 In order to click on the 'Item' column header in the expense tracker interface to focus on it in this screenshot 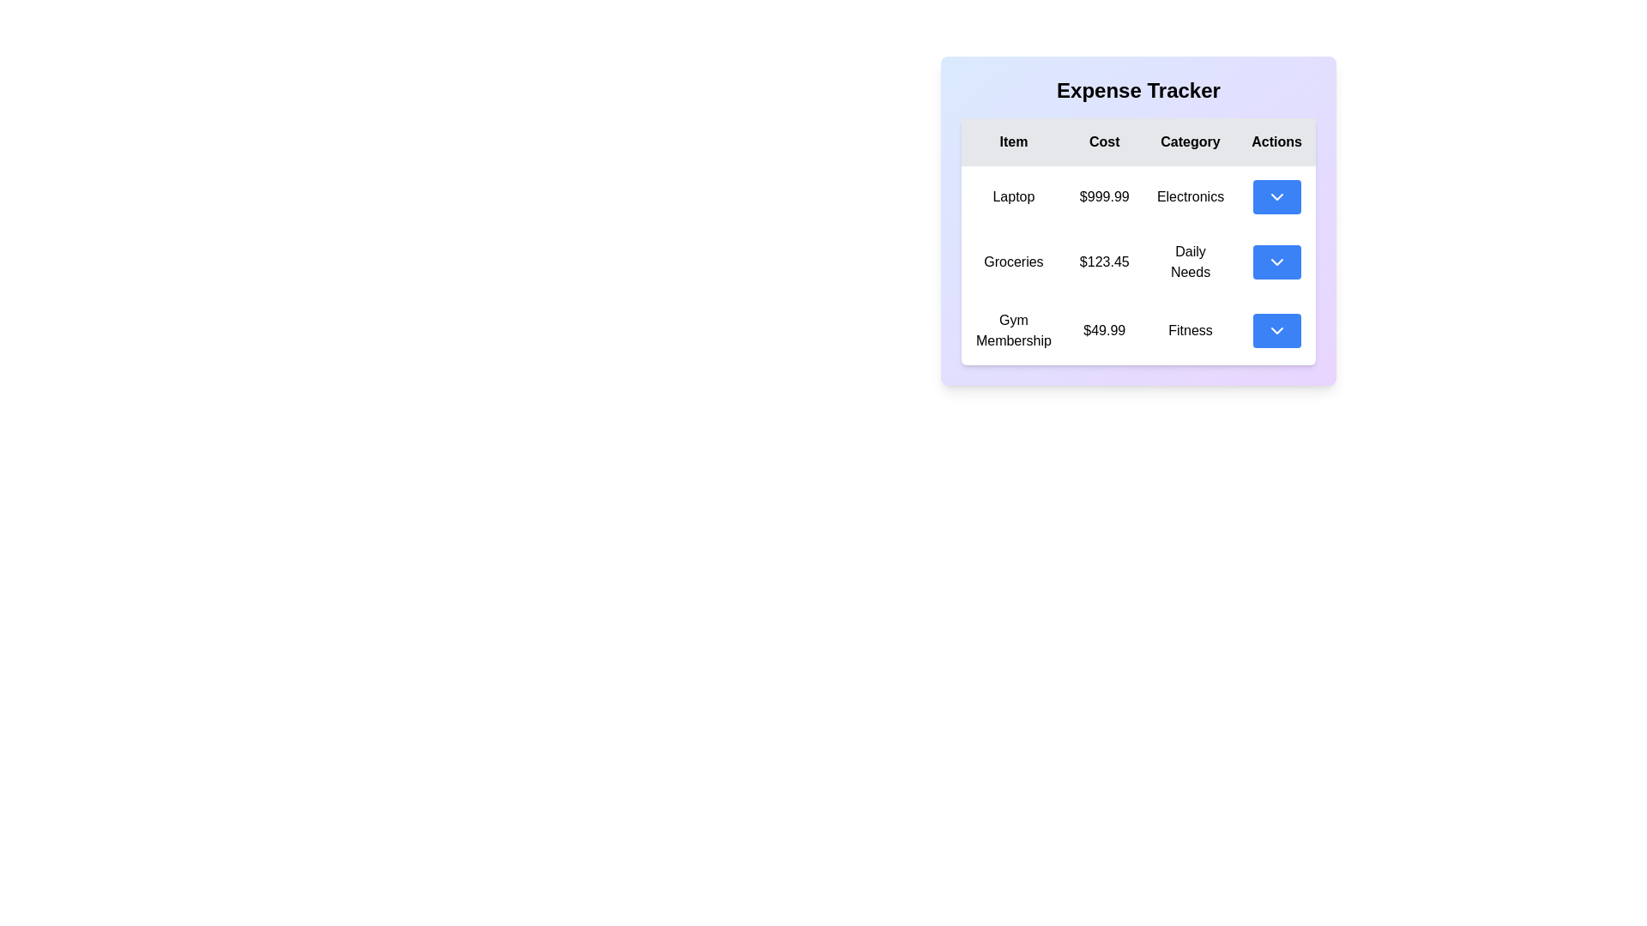, I will do `click(1013, 141)`.